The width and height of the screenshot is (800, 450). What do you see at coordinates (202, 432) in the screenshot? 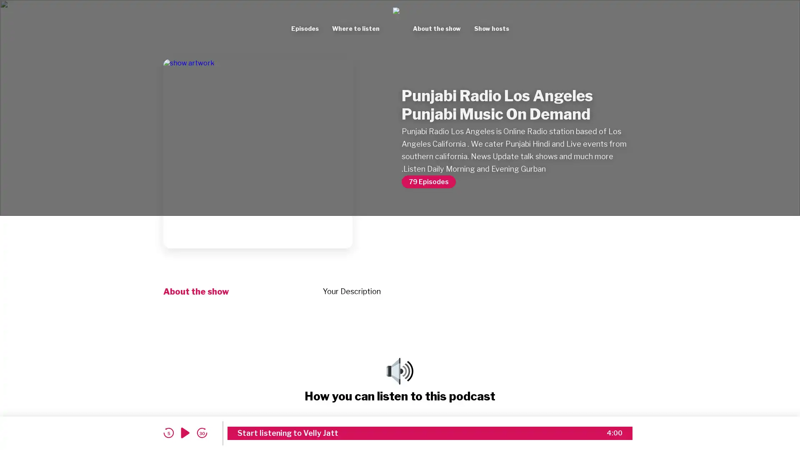
I see `skip forward 30 seconds` at bounding box center [202, 432].